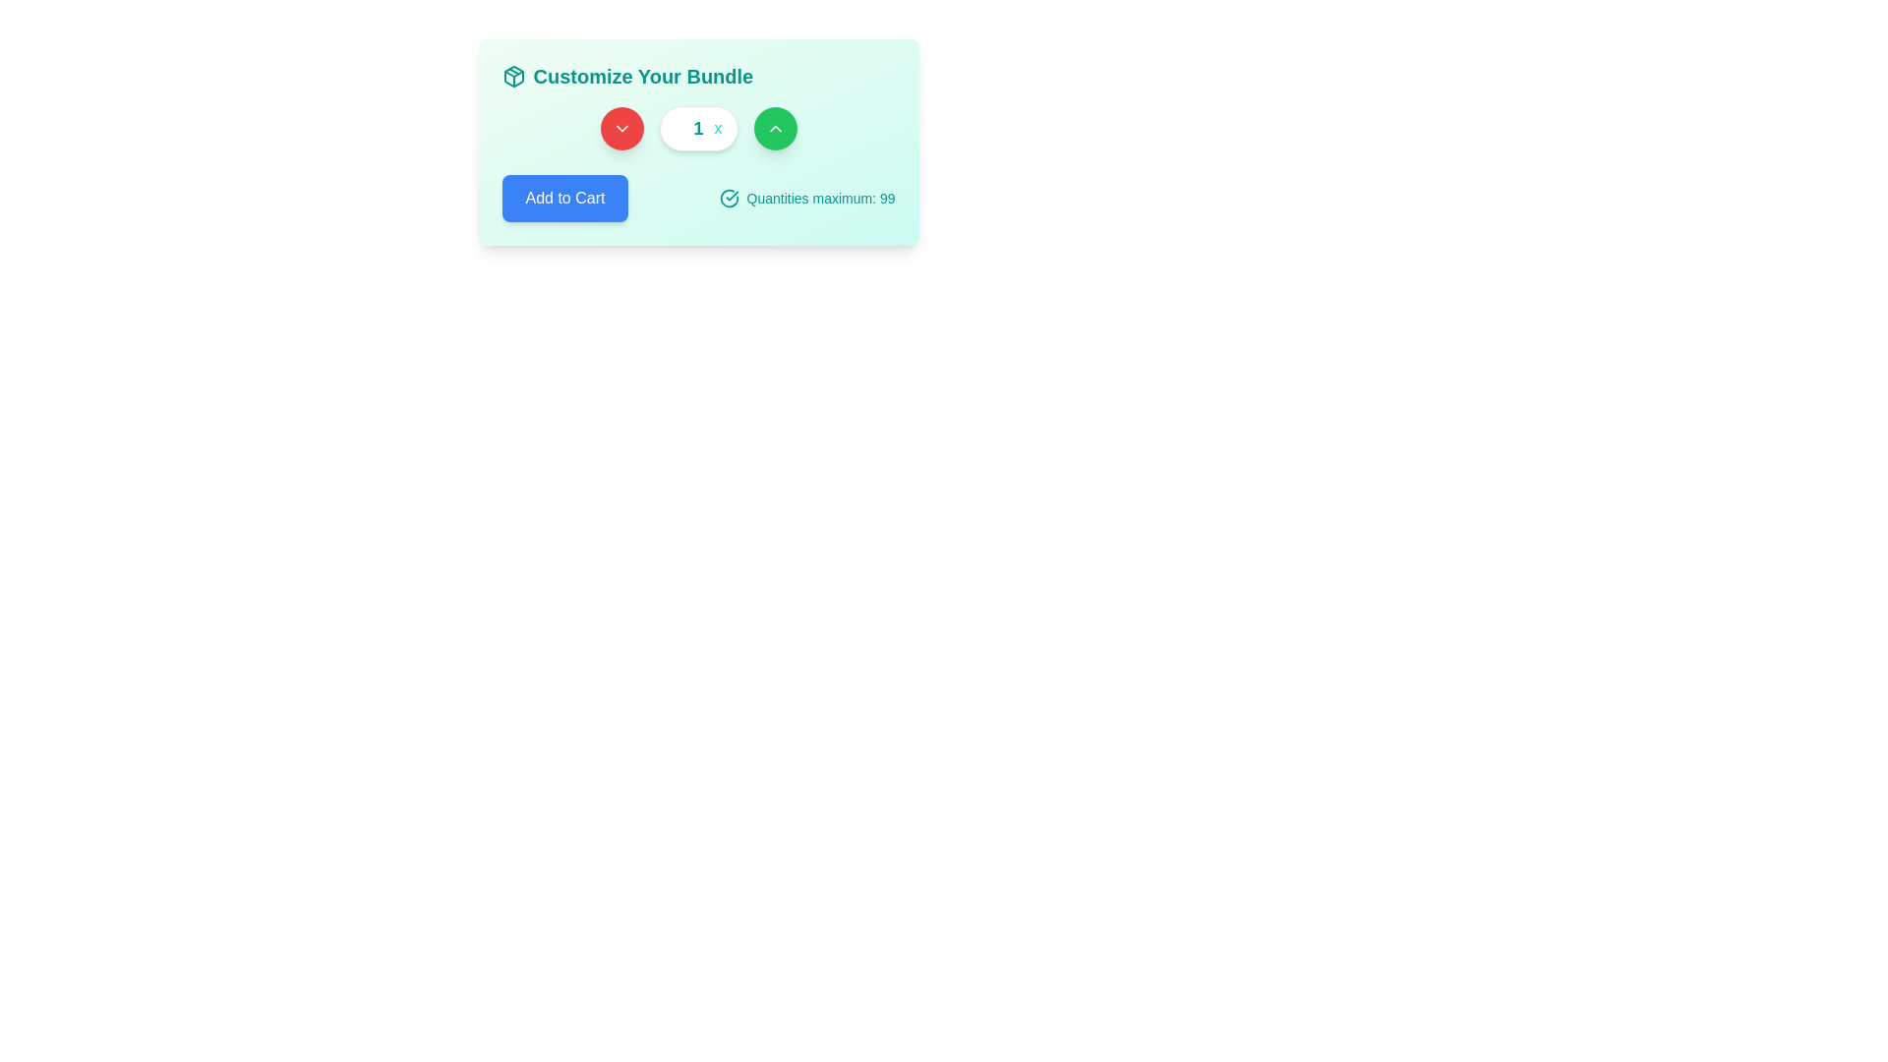  What do you see at coordinates (513, 75) in the screenshot?
I see `the leftmost Graphic SVG Icon representing a 'package' or 'bundle' in the context of customizing a bundle, located next to the 'Customize Your Bundle' title` at bounding box center [513, 75].